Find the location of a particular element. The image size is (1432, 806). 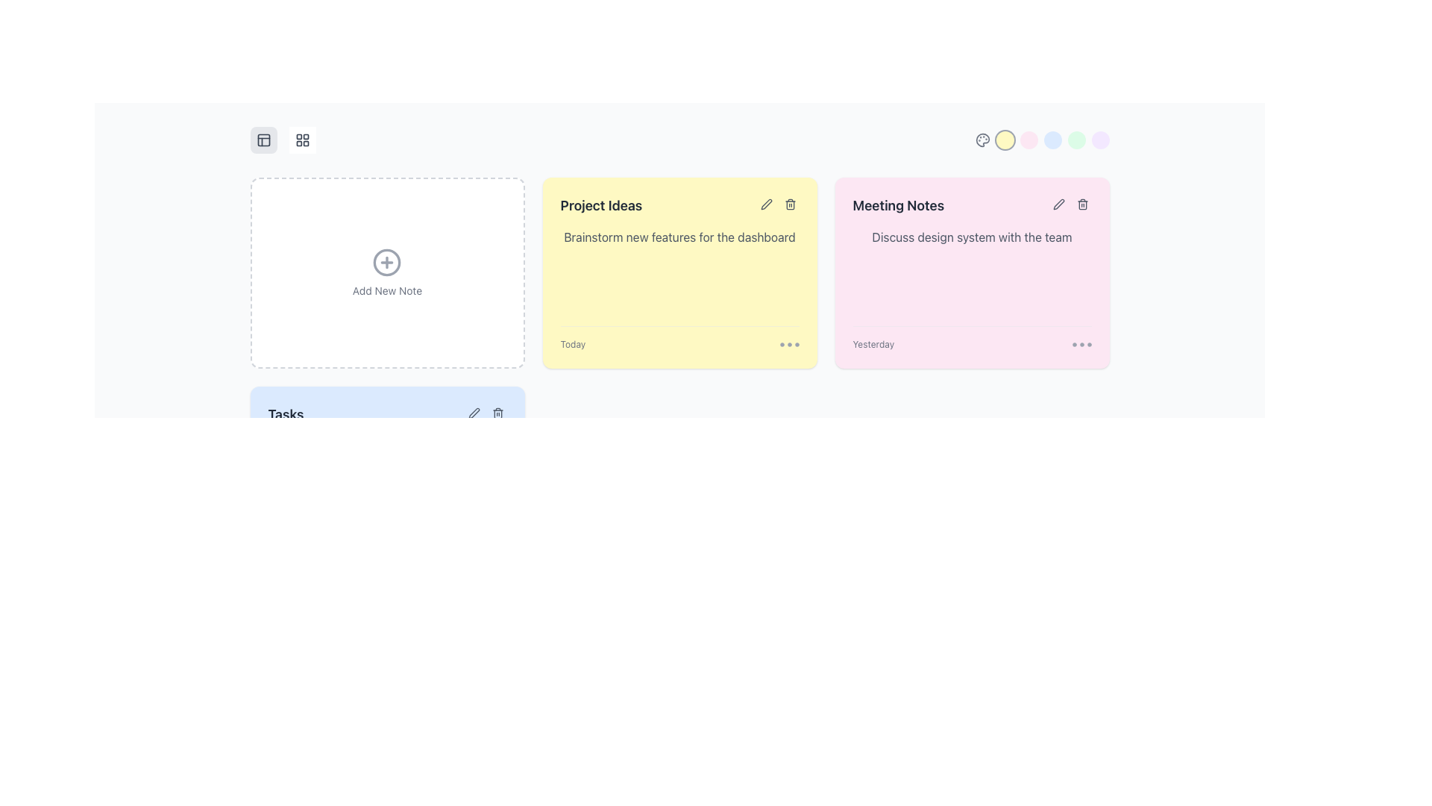

the SVG grid layout icon, which is a minimalist icon with a gray outline and no fill, located towards the top-left area of the interface is located at coordinates (301, 140).